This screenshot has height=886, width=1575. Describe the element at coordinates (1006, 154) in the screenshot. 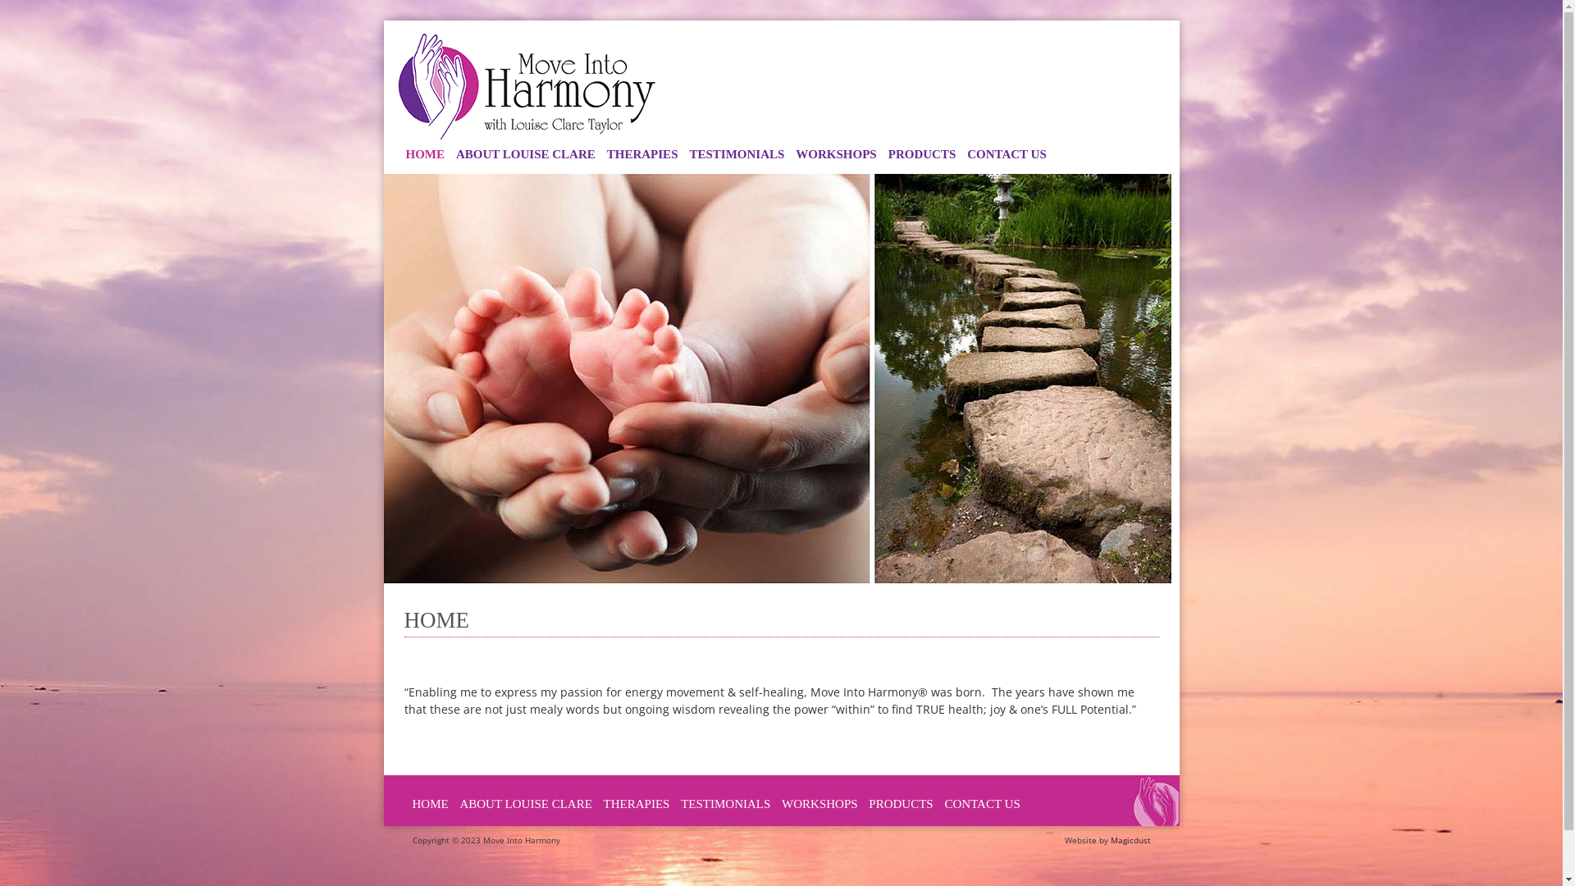

I see `'CONTACT US'` at that location.